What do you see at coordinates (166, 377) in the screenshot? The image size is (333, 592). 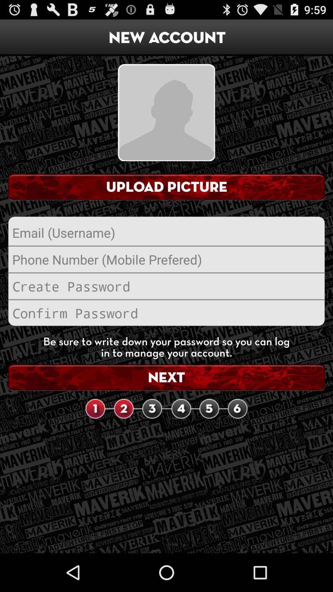 I see `item below the be sure to item` at bounding box center [166, 377].